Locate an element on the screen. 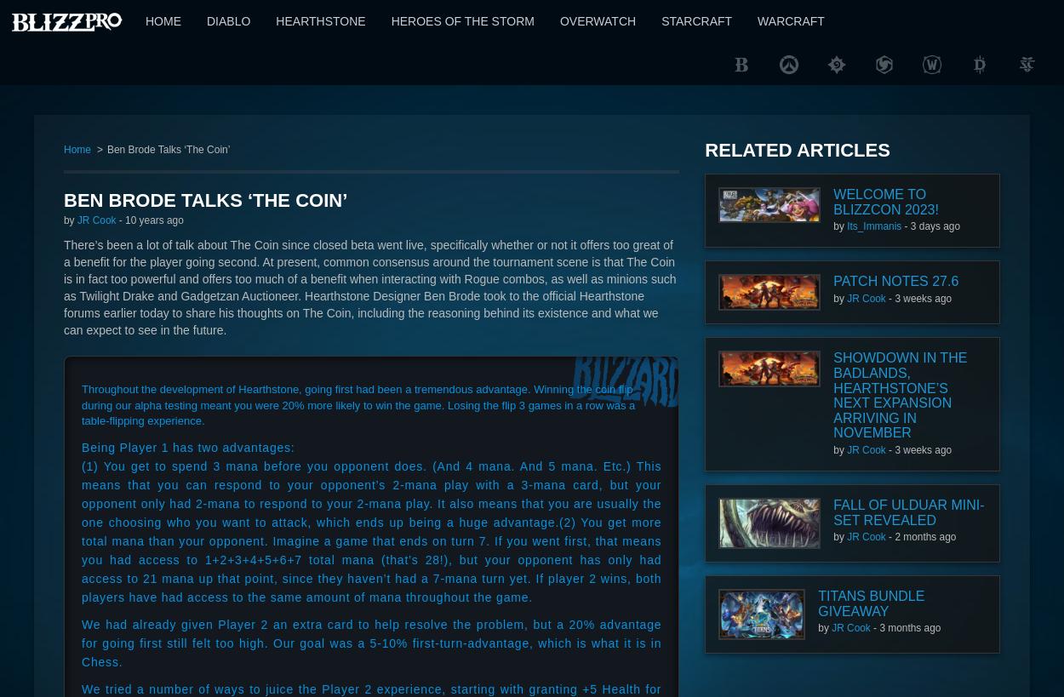 This screenshot has height=697, width=1064. '- 10 years ago' is located at coordinates (149, 219).